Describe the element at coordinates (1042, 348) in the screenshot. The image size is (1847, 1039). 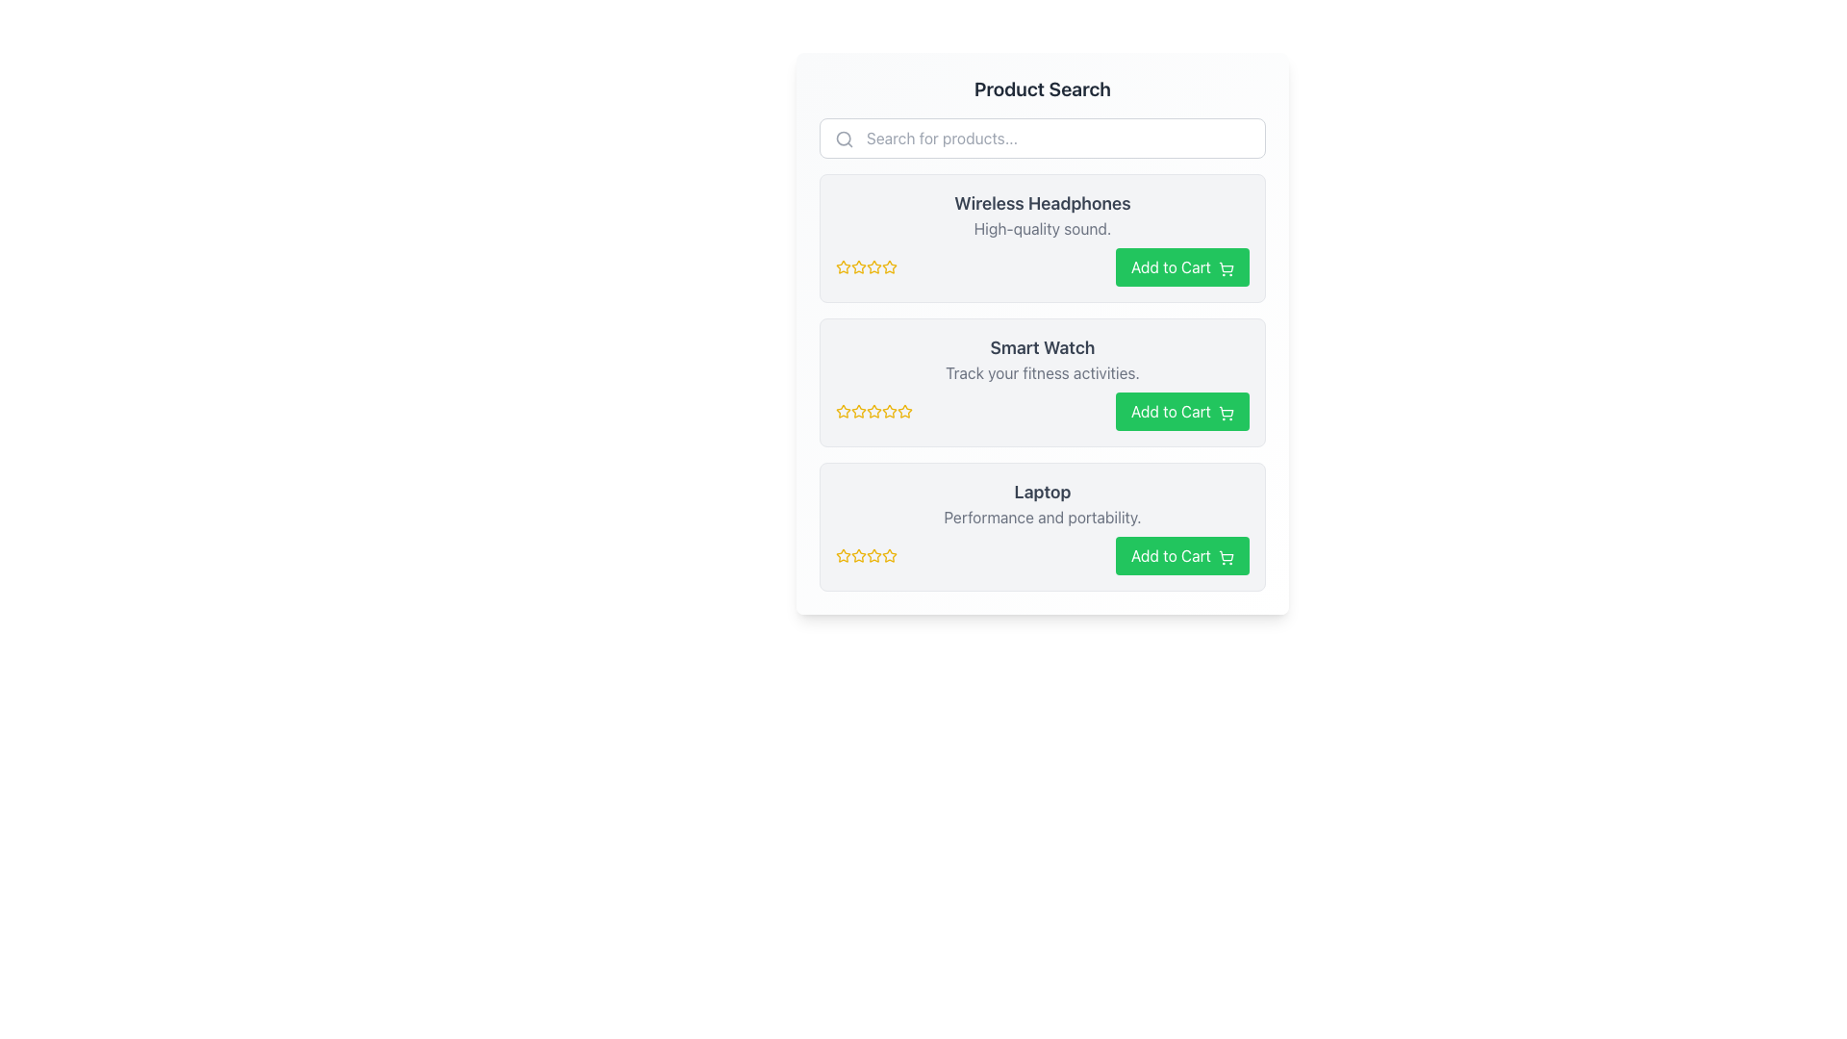
I see `text displayed in the static label that shows the product name 'Smart Watch', which is centrally positioned at the top of the product details` at that location.